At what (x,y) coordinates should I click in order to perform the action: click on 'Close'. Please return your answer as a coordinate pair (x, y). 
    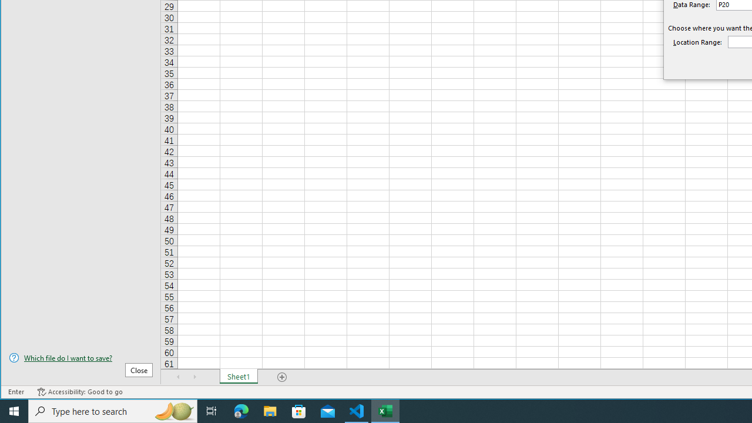
    Looking at the image, I should click on (139, 370).